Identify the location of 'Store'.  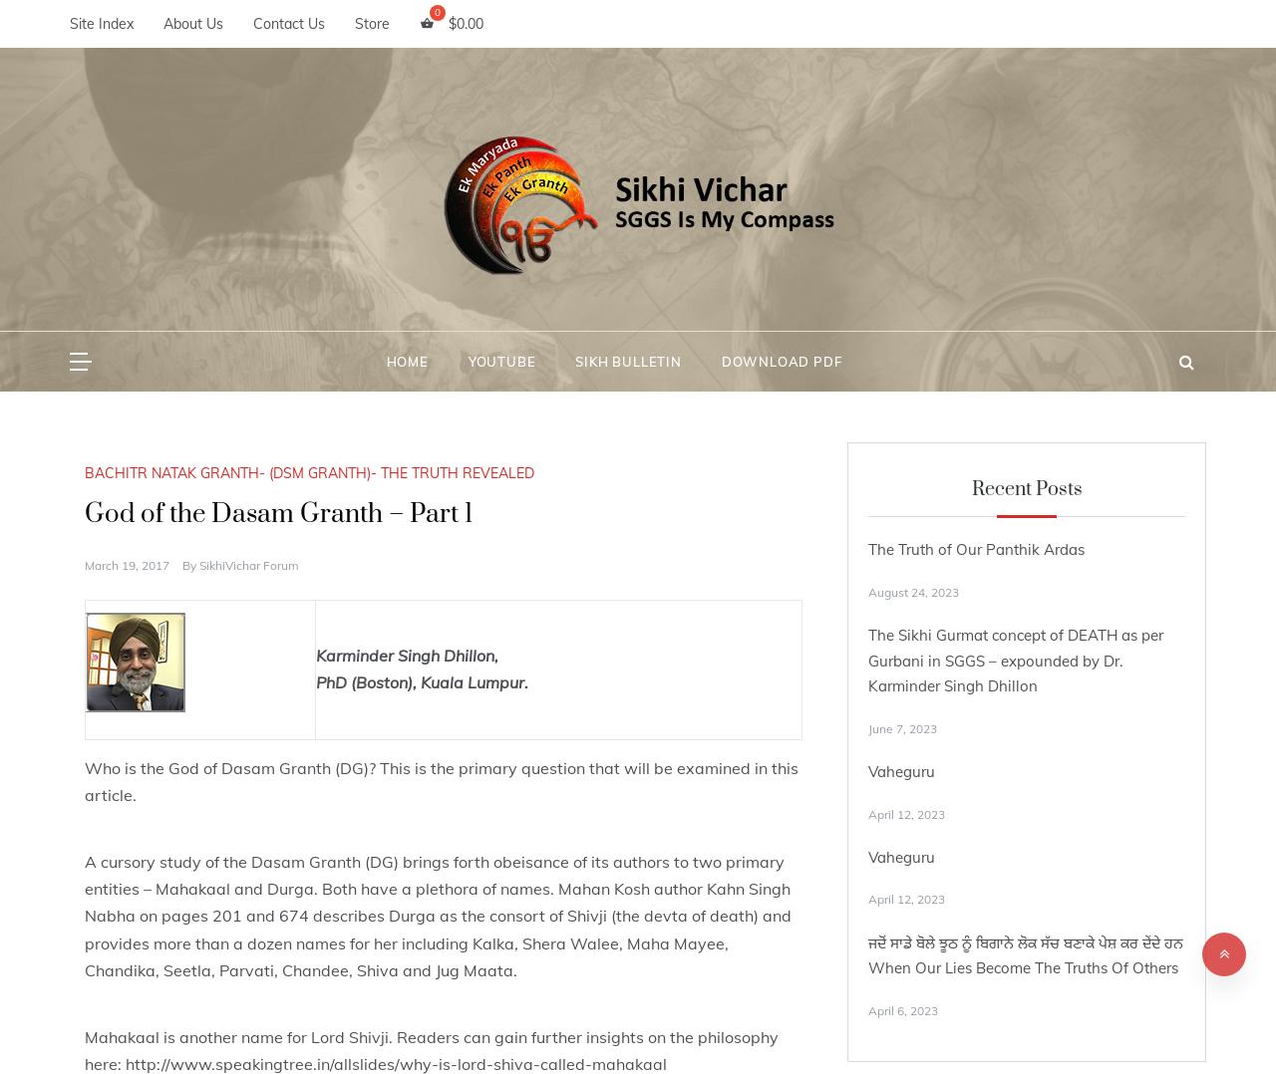
(372, 23).